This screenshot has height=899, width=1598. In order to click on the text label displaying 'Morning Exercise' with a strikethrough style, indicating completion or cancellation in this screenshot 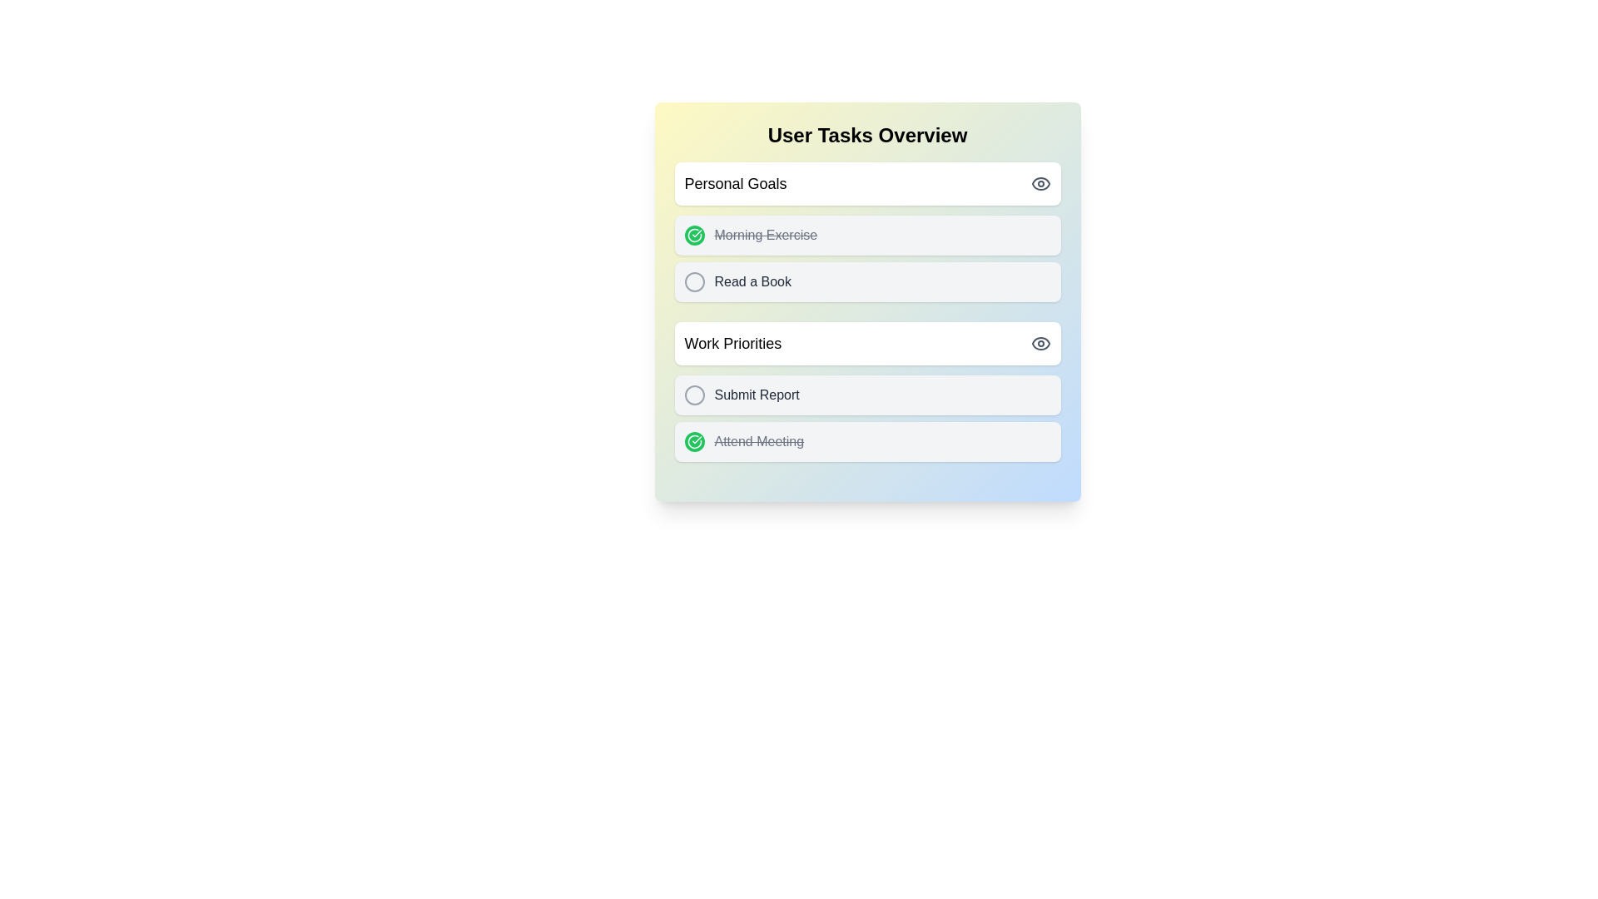, I will do `click(765, 235)`.